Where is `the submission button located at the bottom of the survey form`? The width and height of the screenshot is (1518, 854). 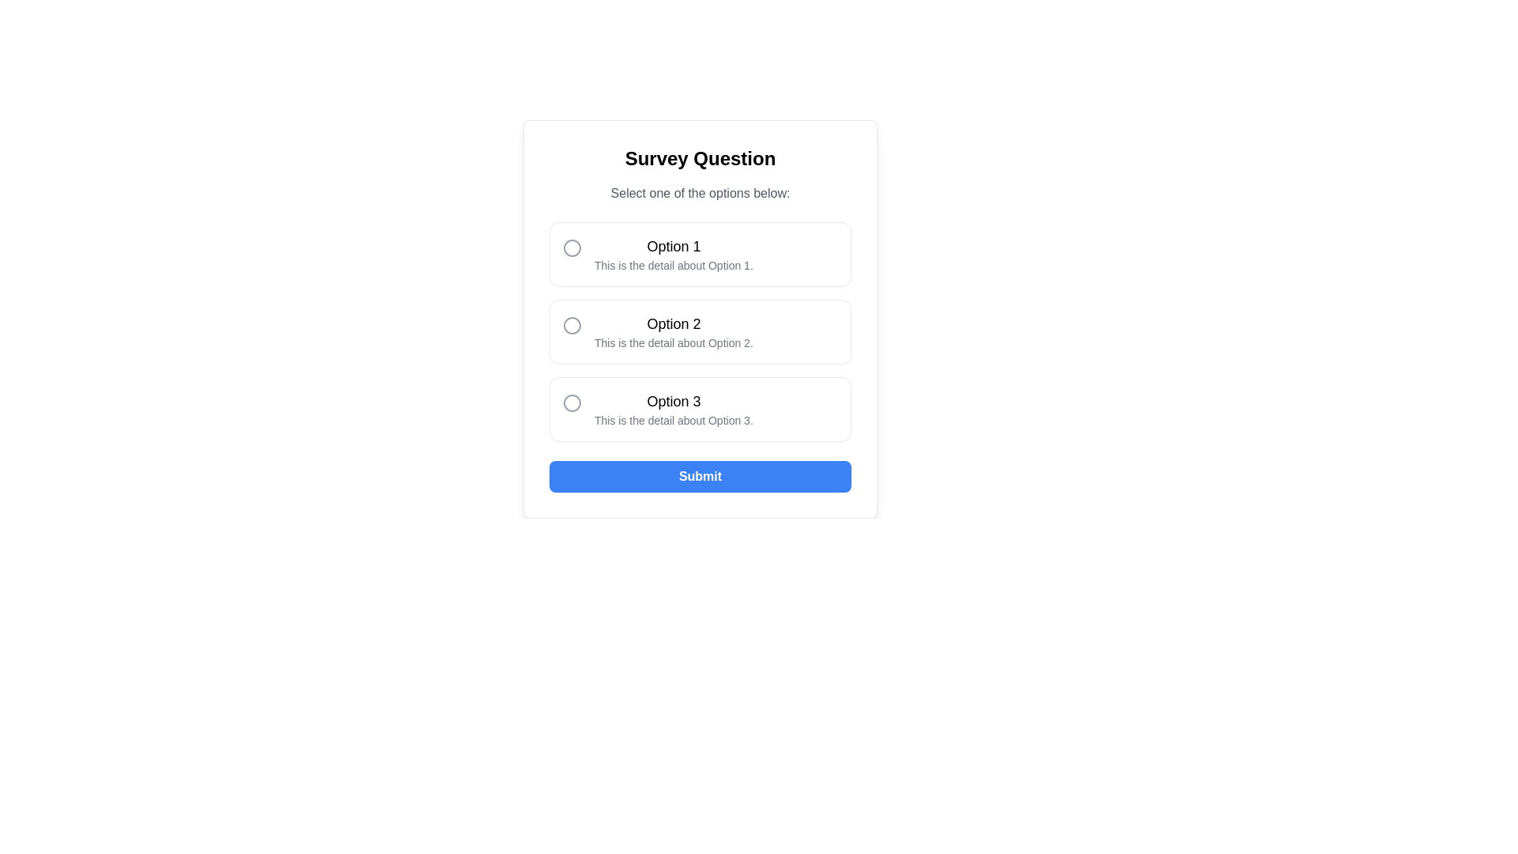
the submission button located at the bottom of the survey form is located at coordinates (700, 475).